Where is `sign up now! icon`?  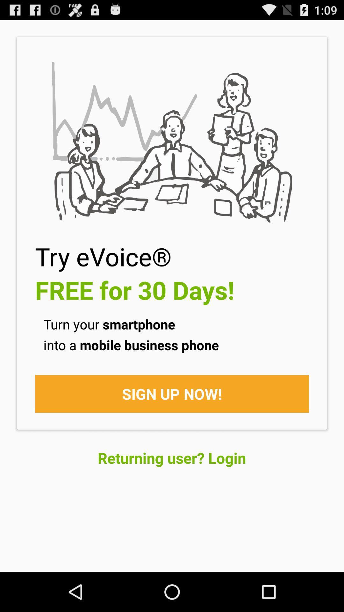
sign up now! icon is located at coordinates (172, 393).